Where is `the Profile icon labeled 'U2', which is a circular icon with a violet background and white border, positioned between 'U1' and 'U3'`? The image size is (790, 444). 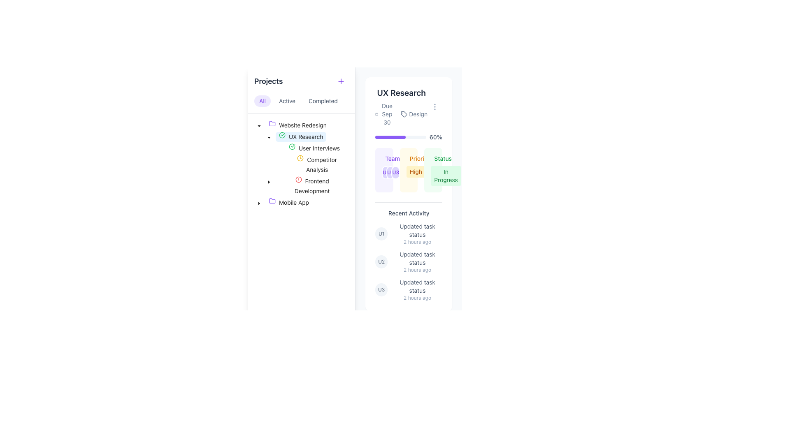 the Profile icon labeled 'U2', which is a circular icon with a violet background and white border, positioned between 'U1' and 'U3' is located at coordinates (390, 172).